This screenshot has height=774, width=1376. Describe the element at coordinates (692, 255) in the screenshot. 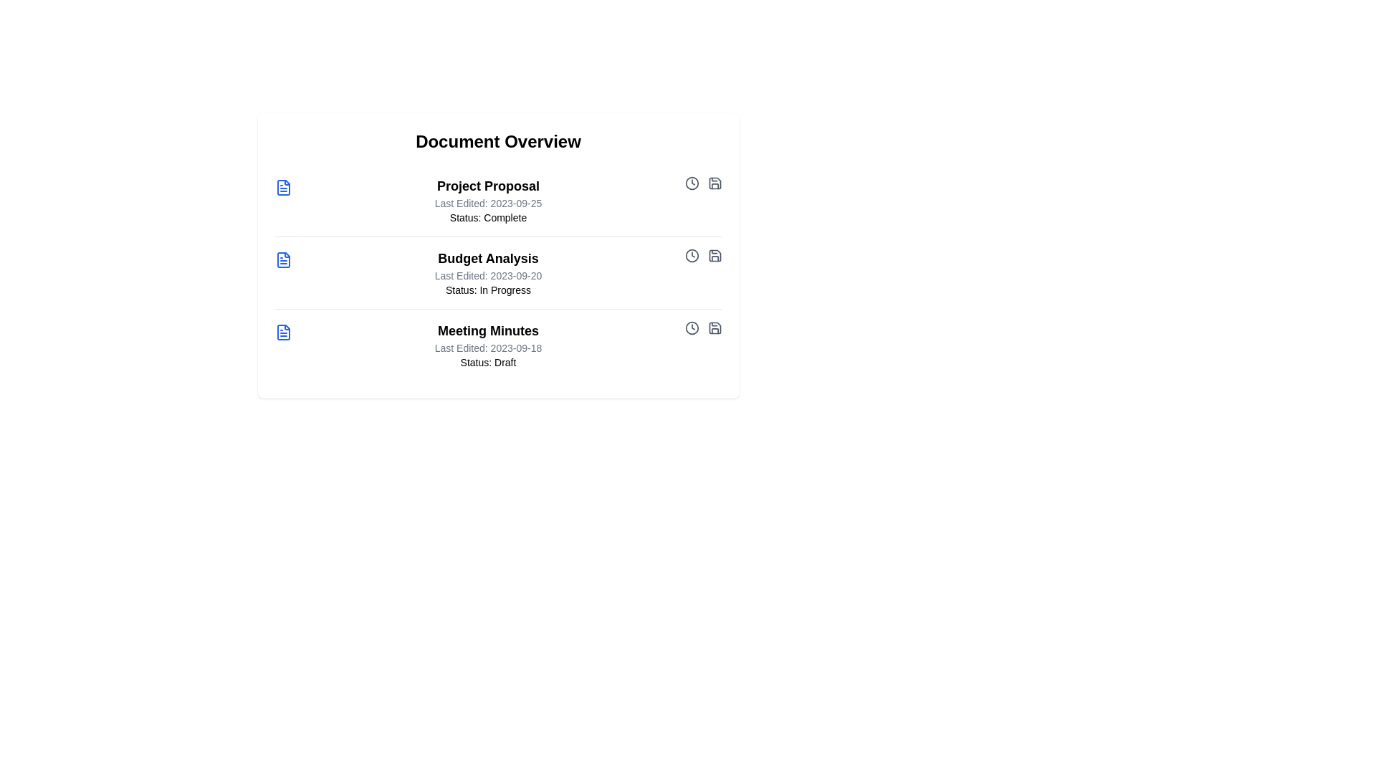

I see `the status icon of Budget Analysis to interact with its status` at that location.